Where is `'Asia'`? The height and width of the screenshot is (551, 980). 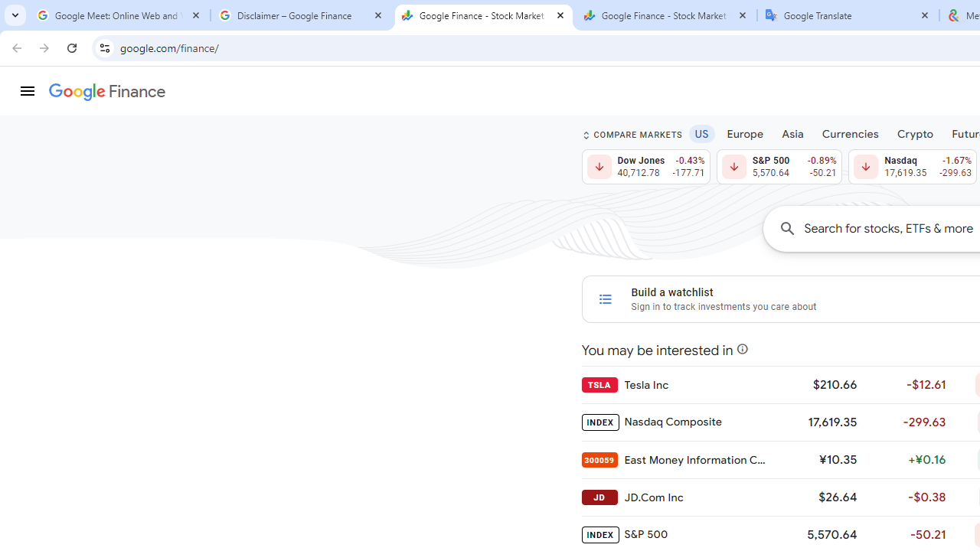
'Asia' is located at coordinates (792, 132).